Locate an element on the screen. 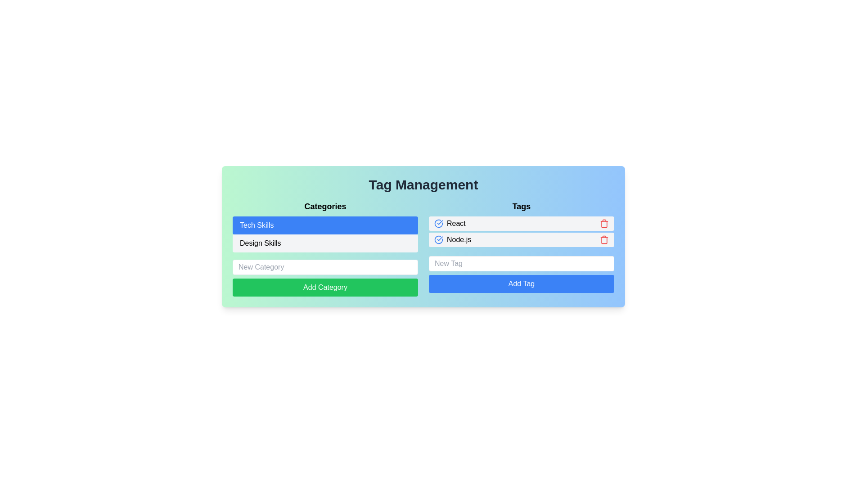 This screenshot has height=486, width=864. the text label 'Tags', which is a bold heading styled with a larger font size, positioned in the upper-right part of the interface within a blue background gradient is located at coordinates (521, 207).